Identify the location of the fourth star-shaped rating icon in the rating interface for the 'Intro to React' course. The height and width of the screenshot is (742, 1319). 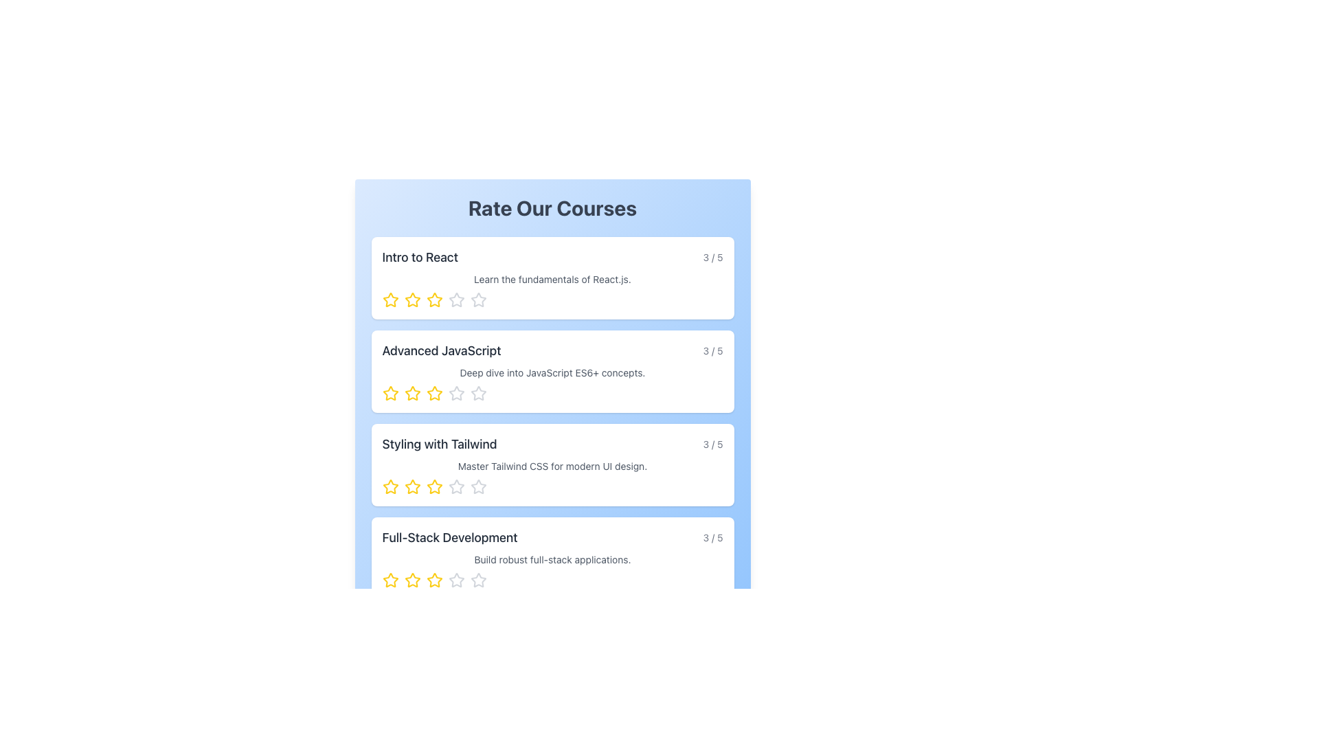
(456, 299).